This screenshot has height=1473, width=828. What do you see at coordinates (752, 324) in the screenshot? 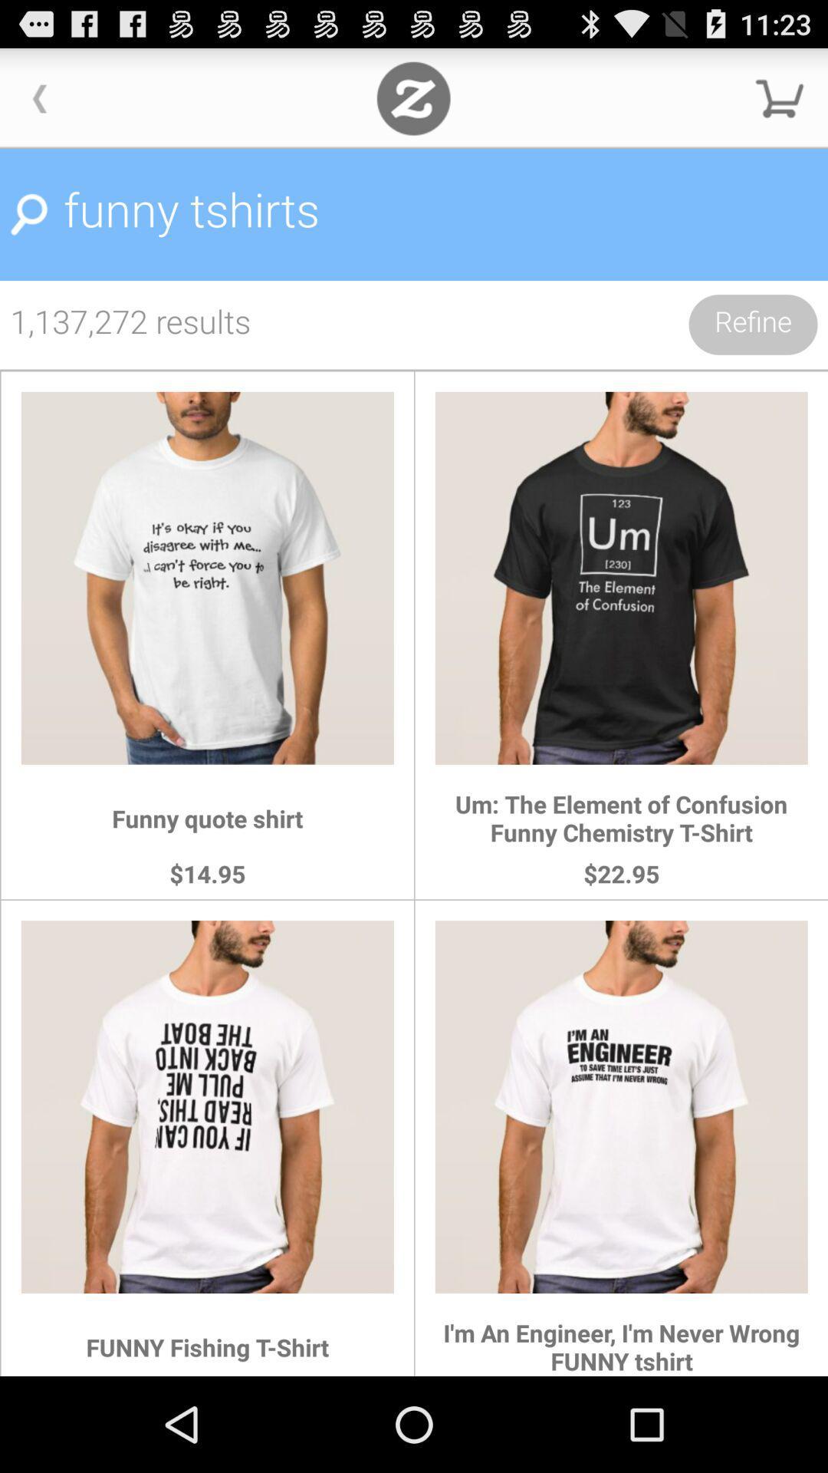
I see `the icon to the right of 1 137 272 icon` at bounding box center [752, 324].